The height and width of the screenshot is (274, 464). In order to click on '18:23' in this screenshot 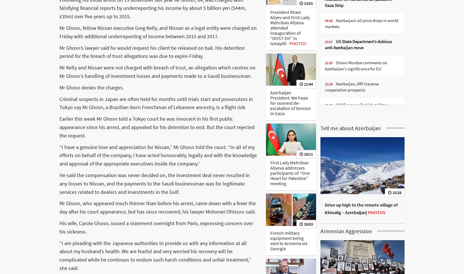, I will do `click(328, 223)`.